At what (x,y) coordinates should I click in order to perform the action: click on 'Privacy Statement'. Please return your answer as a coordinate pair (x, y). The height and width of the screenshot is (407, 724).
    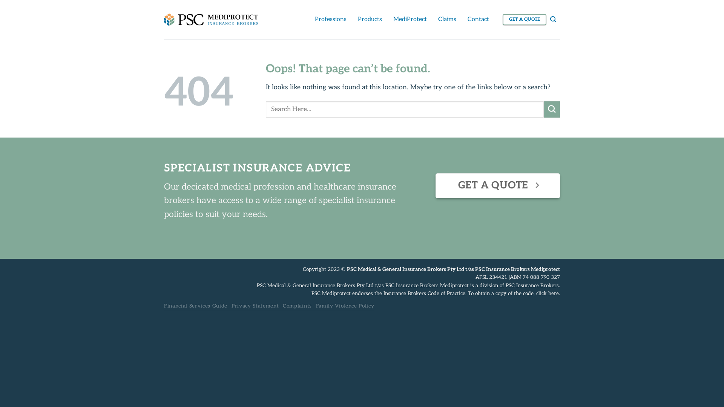
    Looking at the image, I should click on (231, 306).